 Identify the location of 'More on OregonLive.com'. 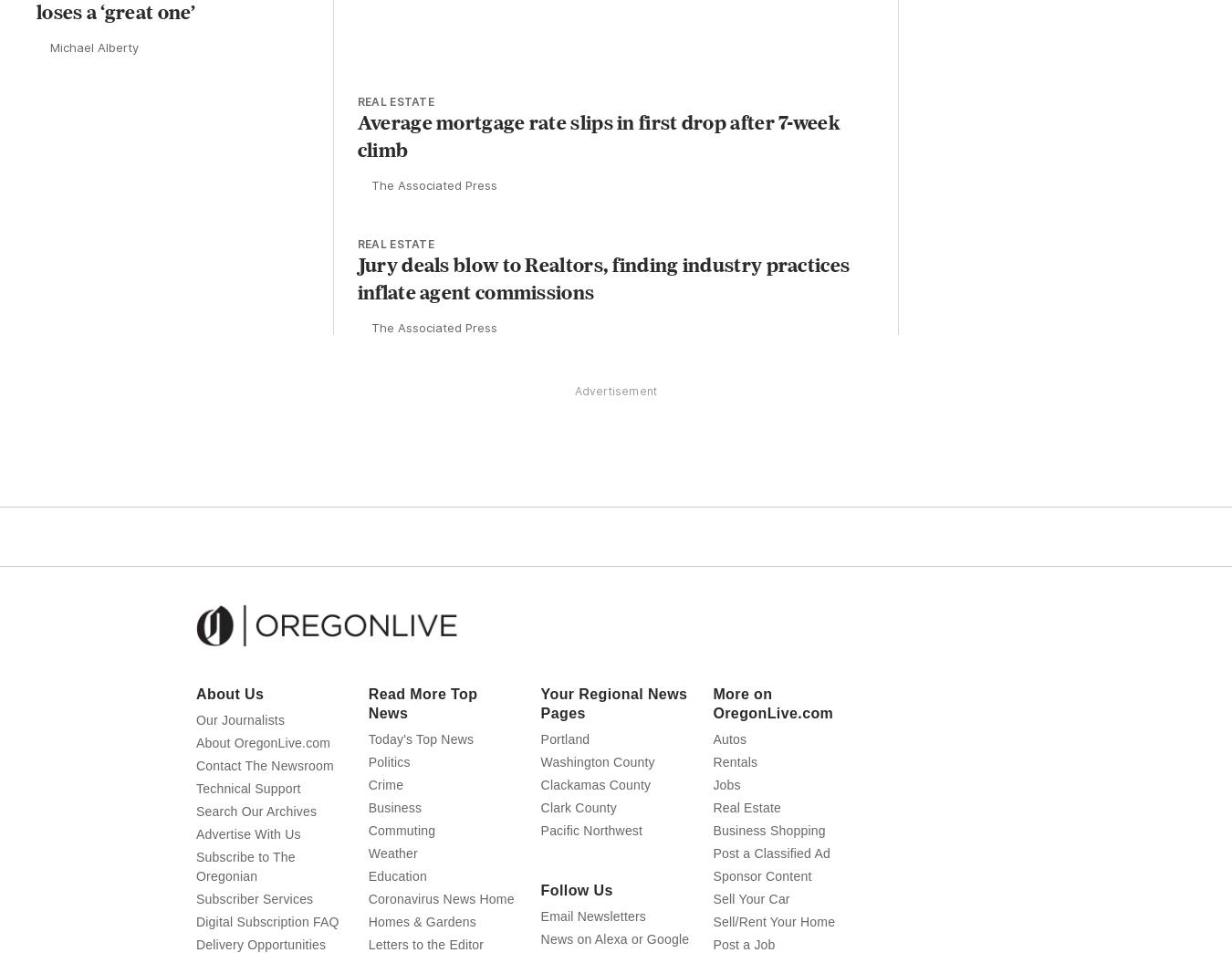
(711, 738).